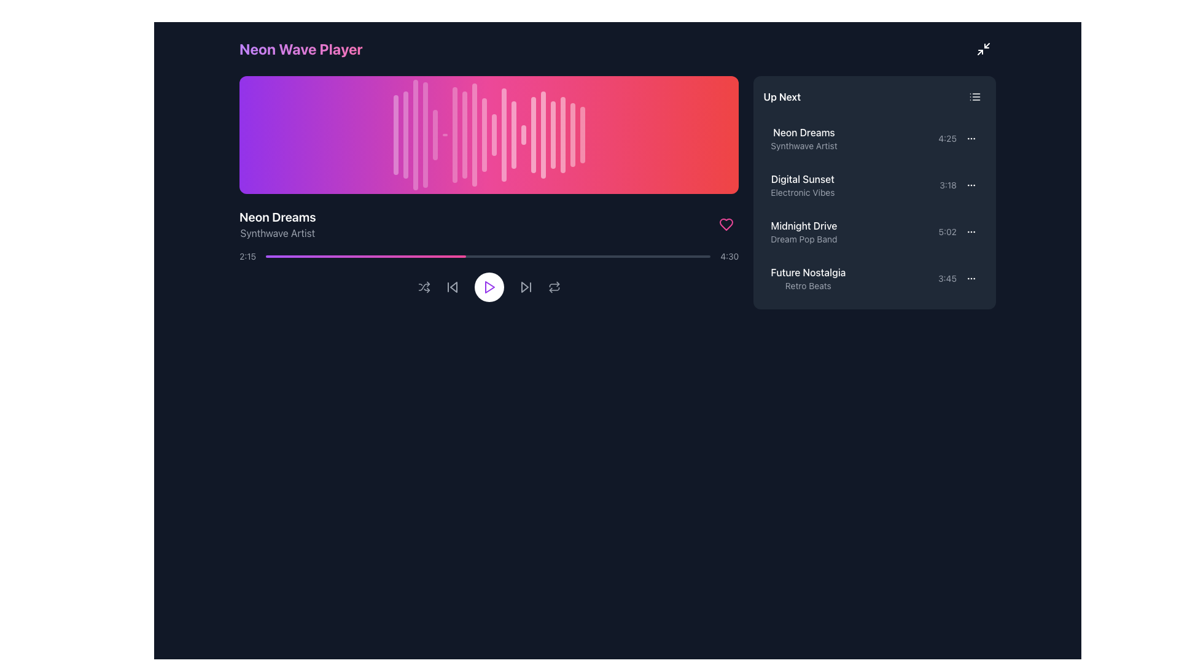  I want to click on the eighth vertical bar in the waveform visualization, which is a slim, rounded rectangular white bar within a purple-to-pink gradient background, so click(464, 134).